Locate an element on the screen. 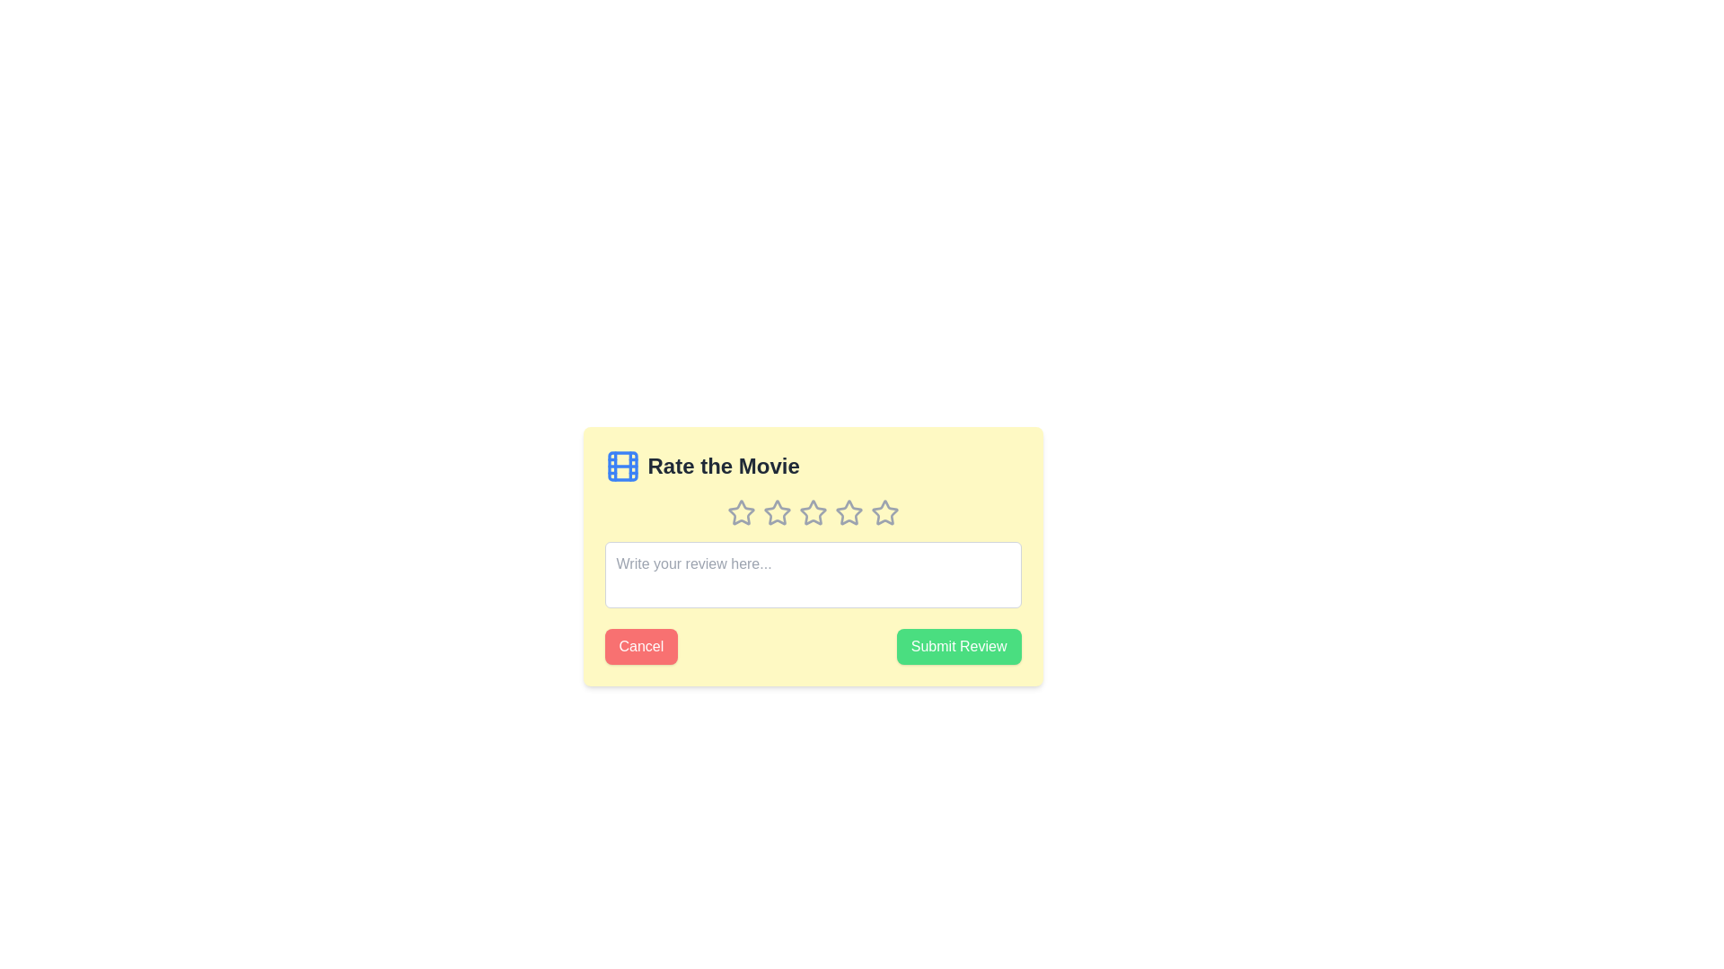 The height and width of the screenshot is (969, 1724). the second interactive star icon in the rating system is located at coordinates (777, 512).